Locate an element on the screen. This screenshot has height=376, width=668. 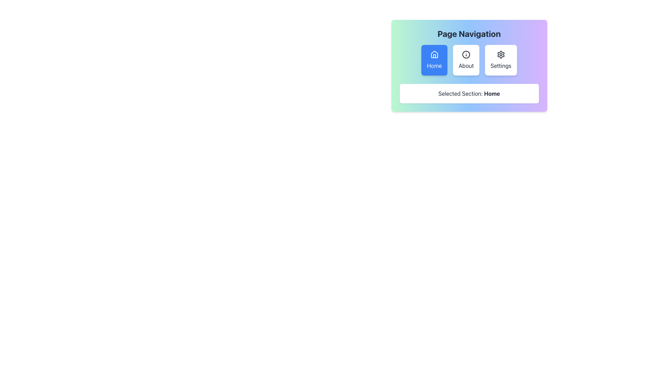
the 'Home' icon, which is a minimalistic house symbol centered within a blue rectangular button labeled 'Home' is located at coordinates (434, 54).